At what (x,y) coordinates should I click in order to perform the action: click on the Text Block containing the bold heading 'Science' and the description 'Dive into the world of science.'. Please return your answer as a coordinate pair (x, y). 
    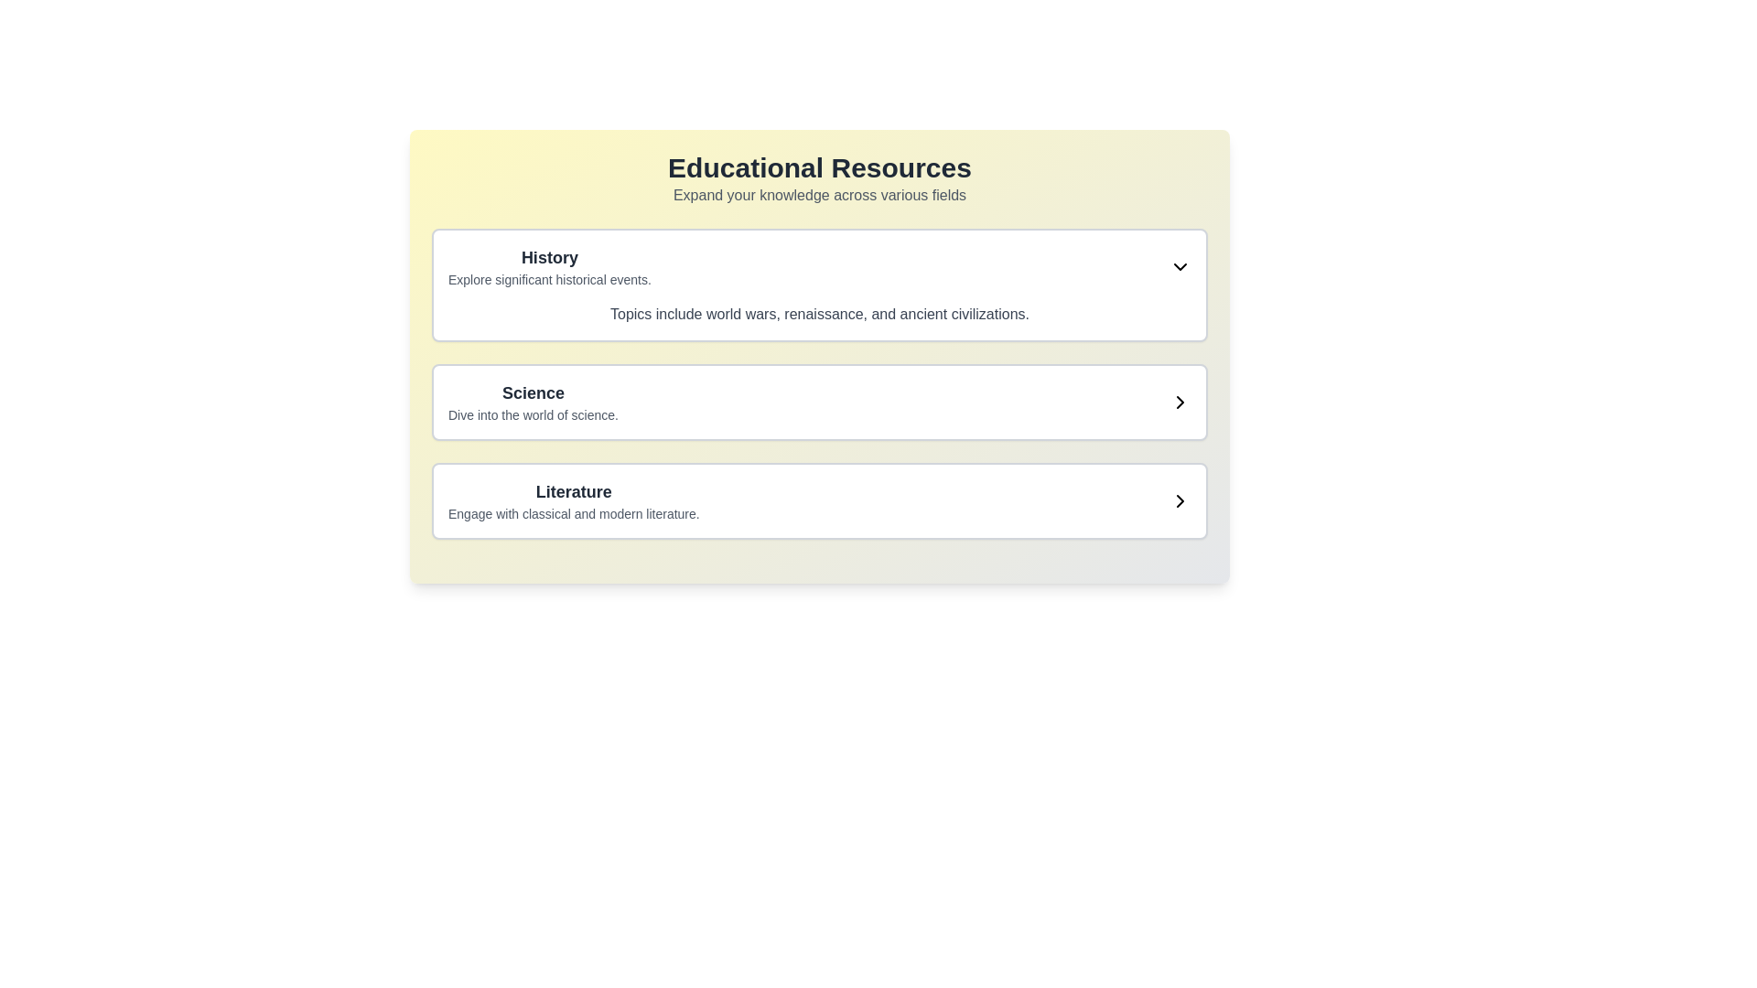
    Looking at the image, I should click on (532, 401).